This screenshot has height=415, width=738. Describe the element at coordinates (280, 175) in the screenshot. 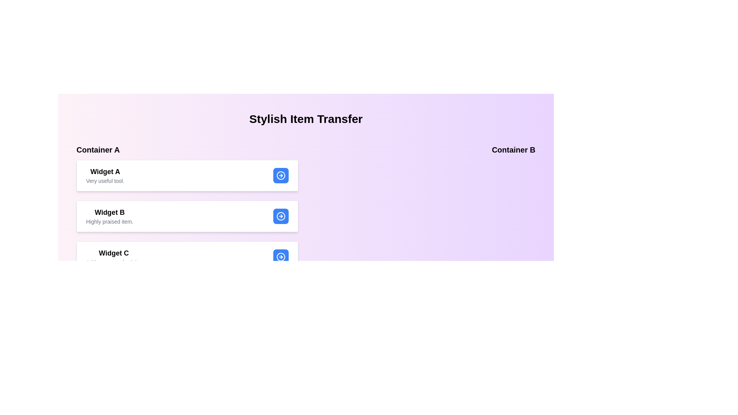

I see `transfer button for Widget A in Container A to move it to Container B` at that location.